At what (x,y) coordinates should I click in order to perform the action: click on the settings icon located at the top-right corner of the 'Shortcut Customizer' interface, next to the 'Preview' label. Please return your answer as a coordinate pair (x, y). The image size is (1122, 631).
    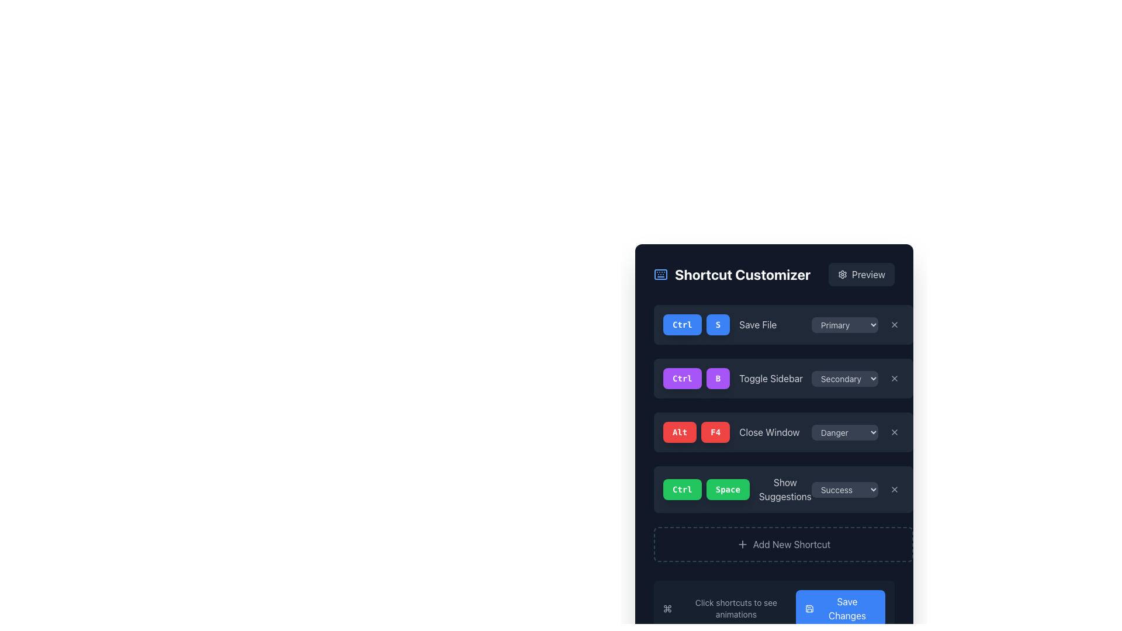
    Looking at the image, I should click on (843, 275).